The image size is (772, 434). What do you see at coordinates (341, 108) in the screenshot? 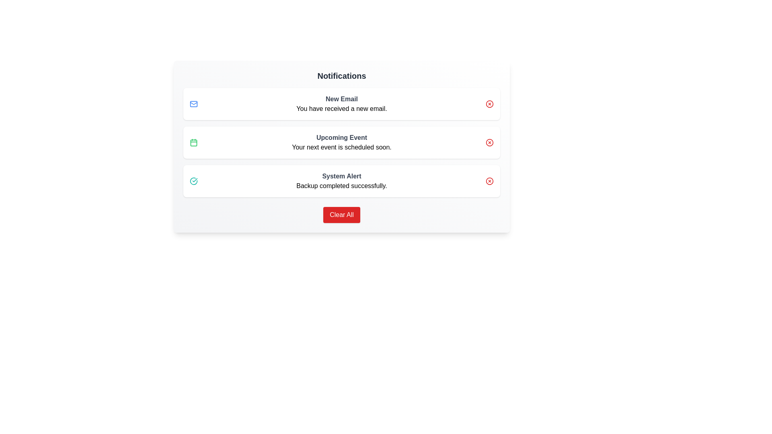
I see `notification text that states 'You have received a new email.' which is positioned below the title 'New Email' in the notification panel` at bounding box center [341, 108].